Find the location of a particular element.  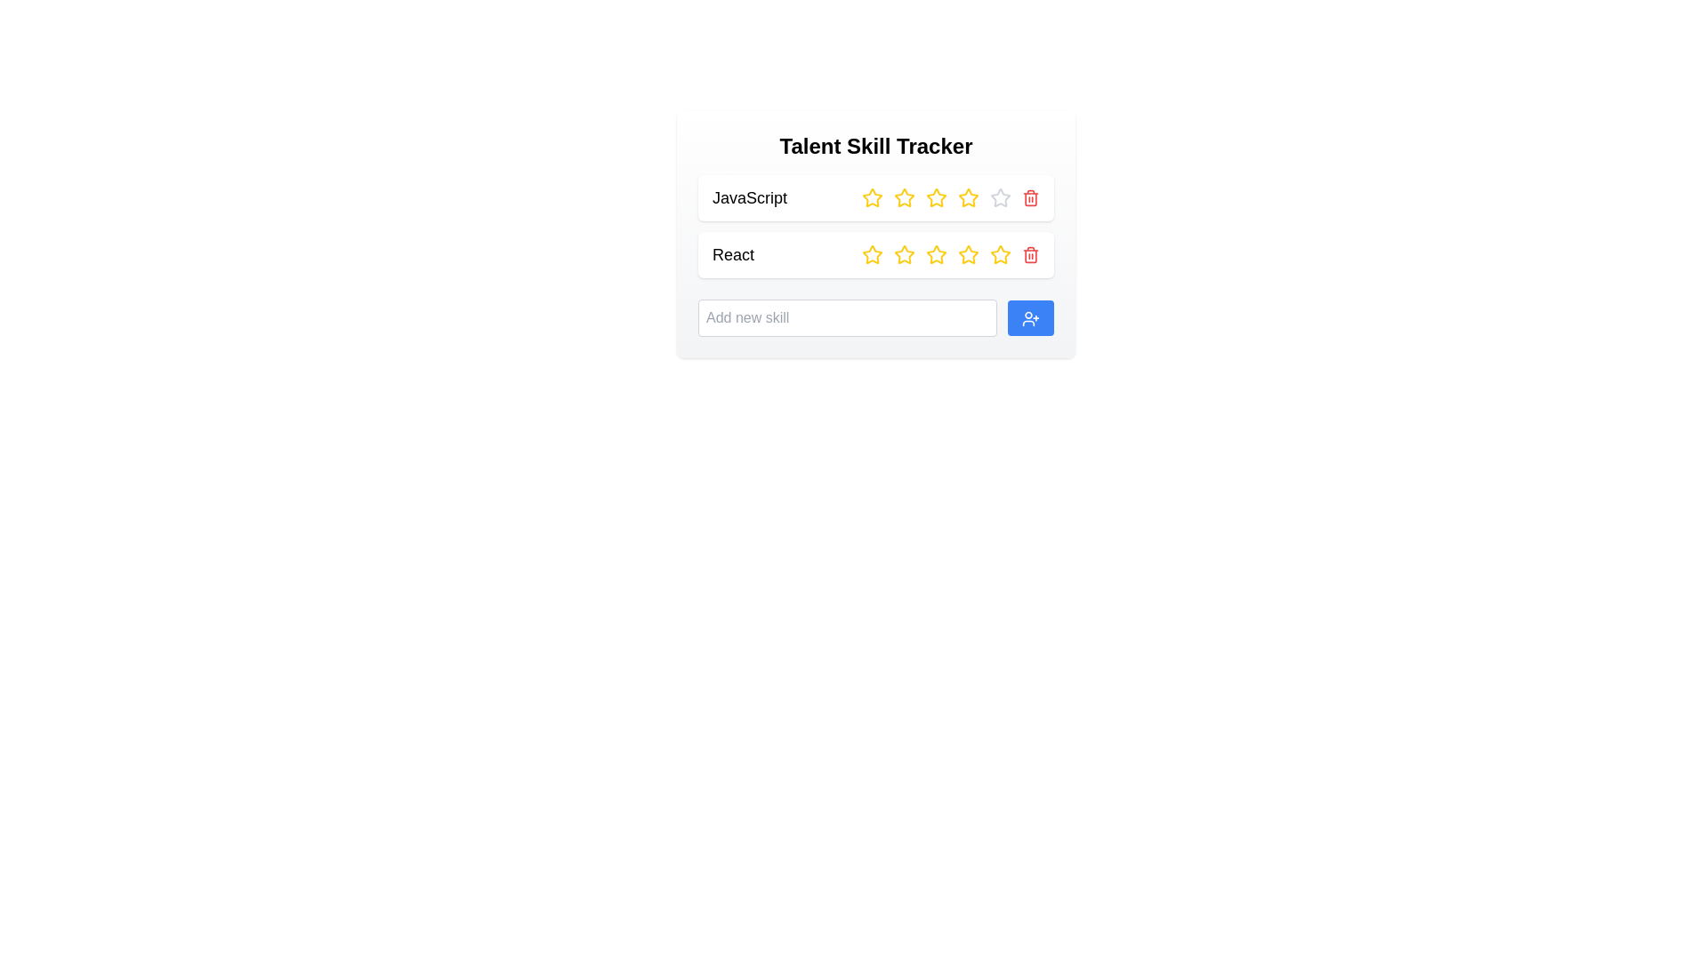

the second star icon in the Talent Skill Tracker panel is located at coordinates (905, 197).